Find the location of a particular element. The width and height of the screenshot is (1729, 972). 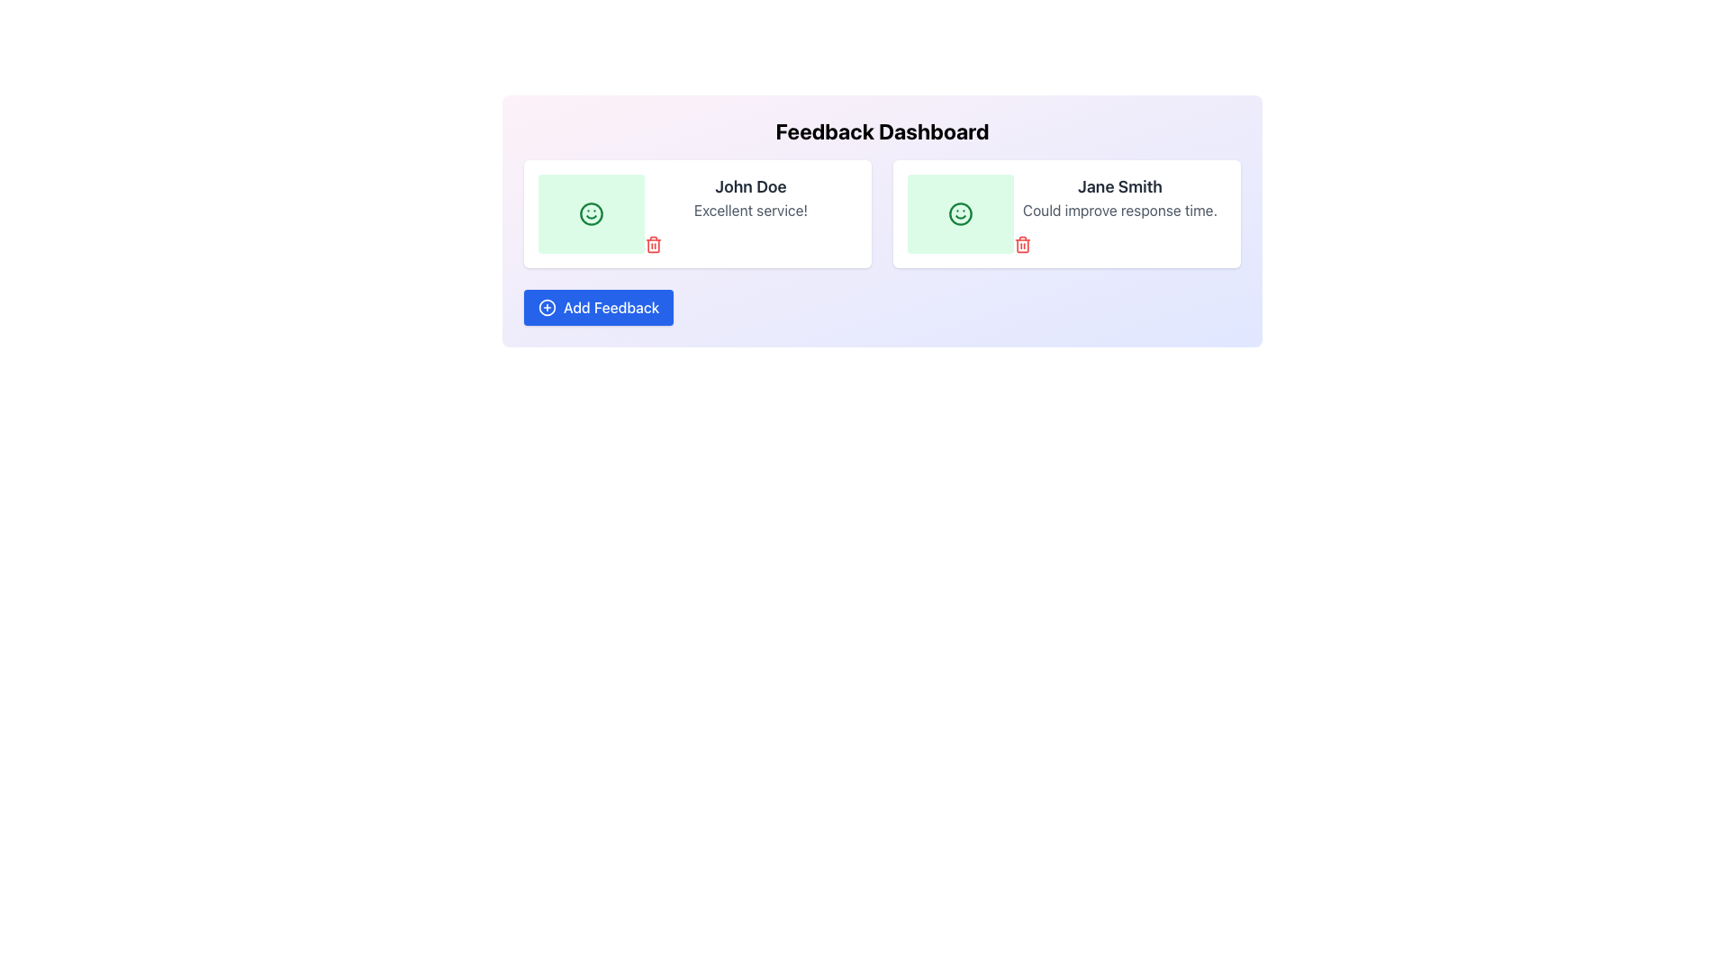

the smiley-face icon representing positive feedback within the second feedback card of the feedback dashboard interface is located at coordinates (959, 213).